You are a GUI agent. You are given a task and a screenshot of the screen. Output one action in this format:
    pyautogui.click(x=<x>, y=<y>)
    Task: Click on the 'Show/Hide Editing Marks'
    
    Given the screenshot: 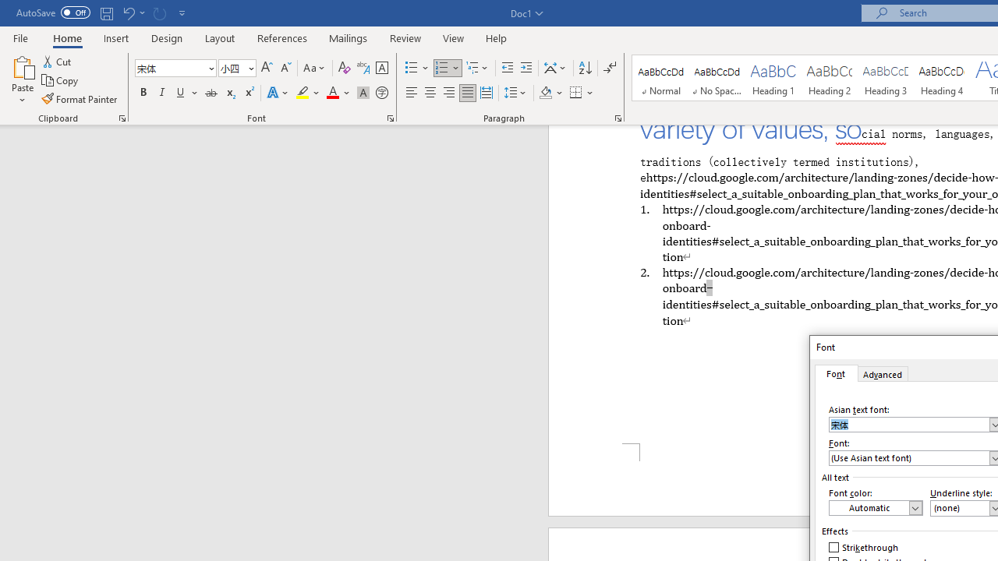 What is the action you would take?
    pyautogui.click(x=609, y=67)
    